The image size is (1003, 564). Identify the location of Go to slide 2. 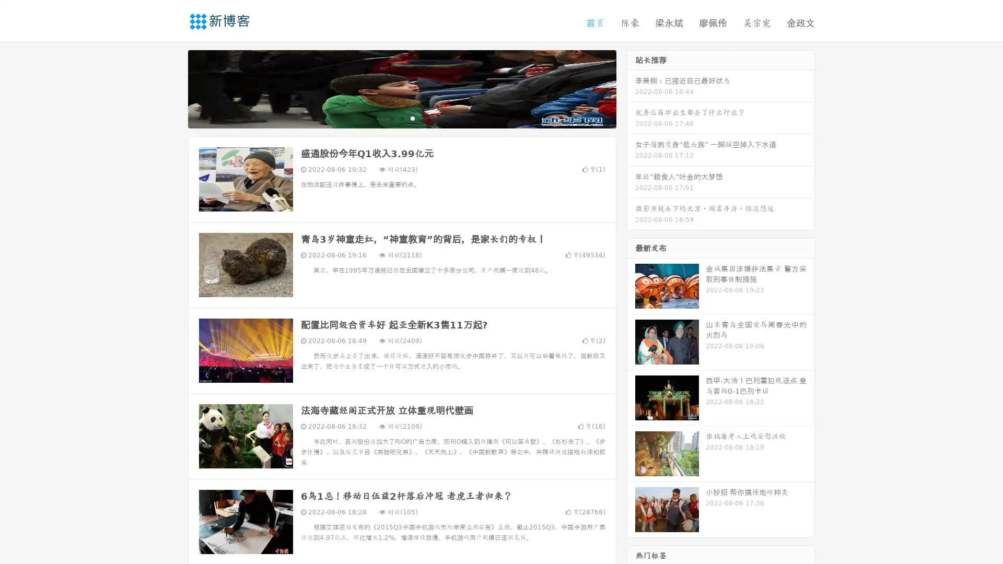
(401, 118).